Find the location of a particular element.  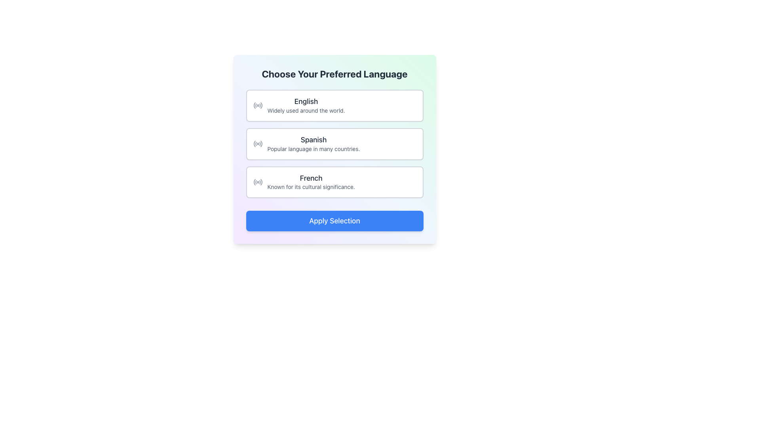

the language option icon located to the left of the text 'English' in the interface is located at coordinates (258, 105).